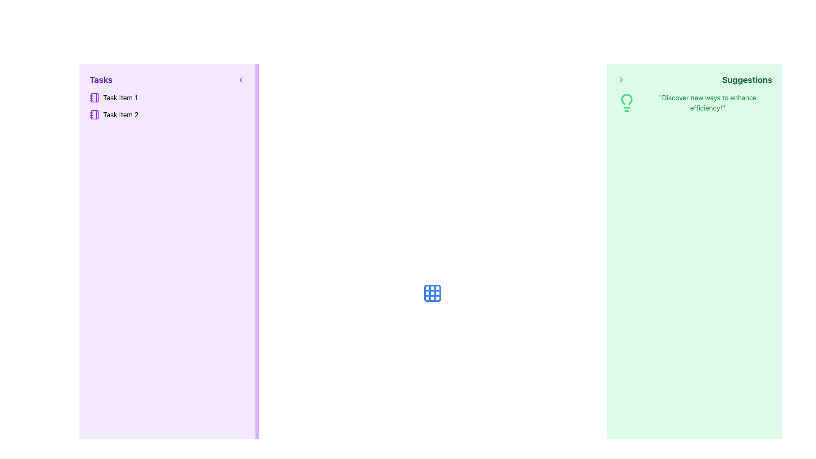  What do you see at coordinates (626, 102) in the screenshot?
I see `the lightbulb icon located in the green panel on the right side, which represents suggestions for enhancing efficiency` at bounding box center [626, 102].